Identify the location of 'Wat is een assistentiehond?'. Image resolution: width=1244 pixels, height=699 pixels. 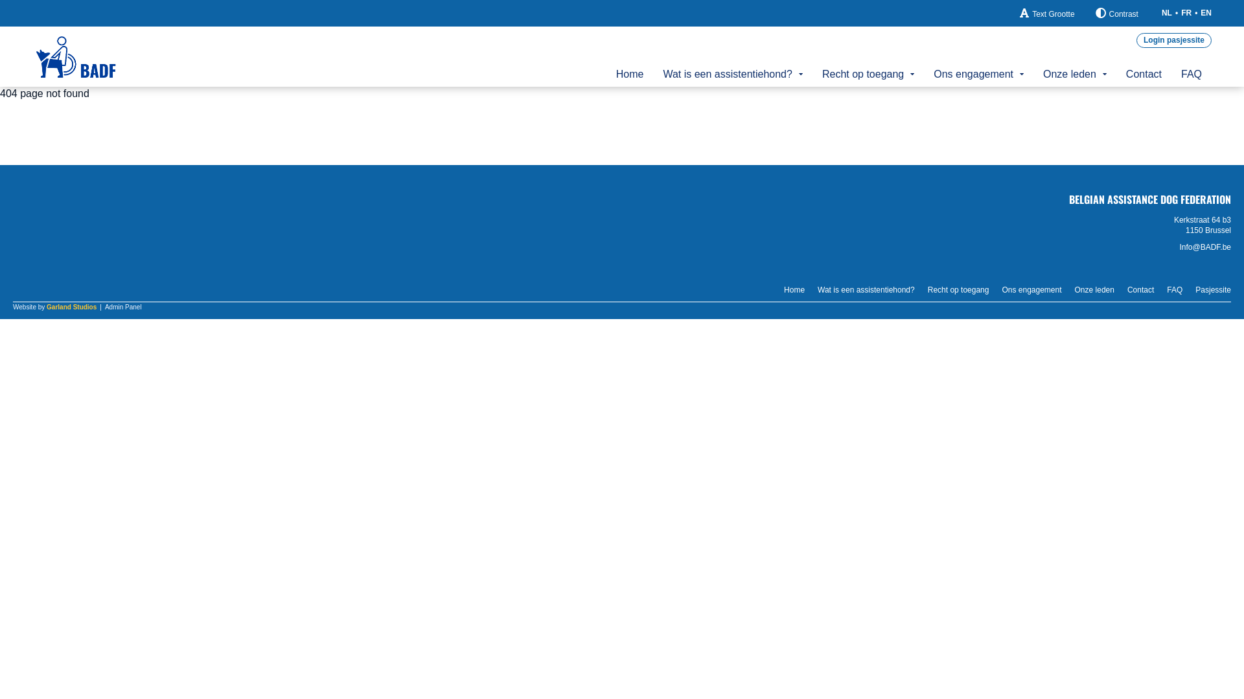
(866, 289).